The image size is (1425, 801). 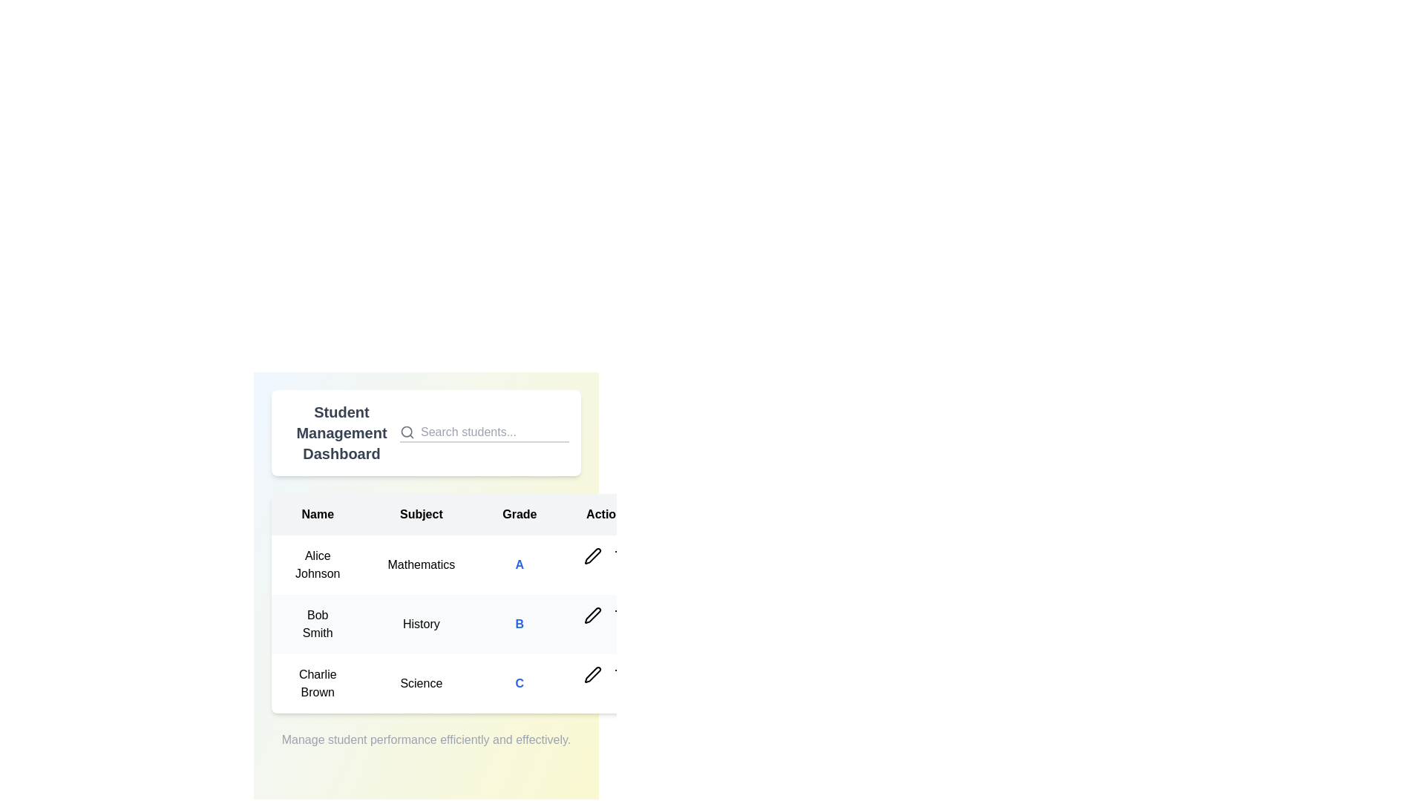 What do you see at coordinates (608, 514) in the screenshot?
I see `the 'Actions' label, which is a bold black text element located in the last column of the header row of a table-like structure` at bounding box center [608, 514].